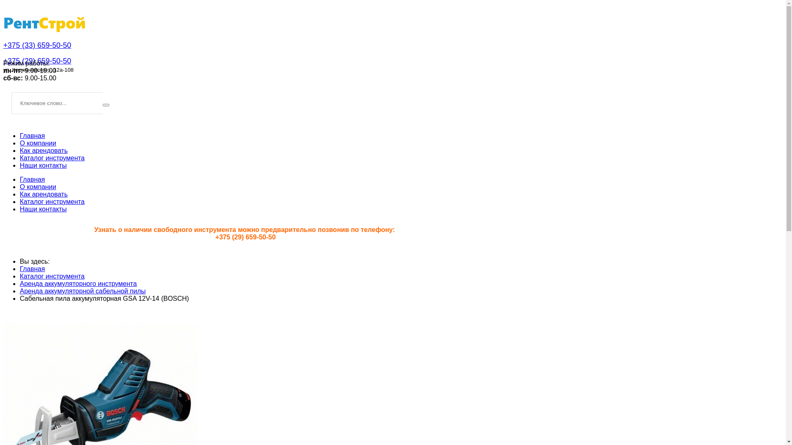 This screenshot has height=445, width=792. Describe the element at coordinates (44, 23) in the screenshot. I see `'Rentstori.by'` at that location.